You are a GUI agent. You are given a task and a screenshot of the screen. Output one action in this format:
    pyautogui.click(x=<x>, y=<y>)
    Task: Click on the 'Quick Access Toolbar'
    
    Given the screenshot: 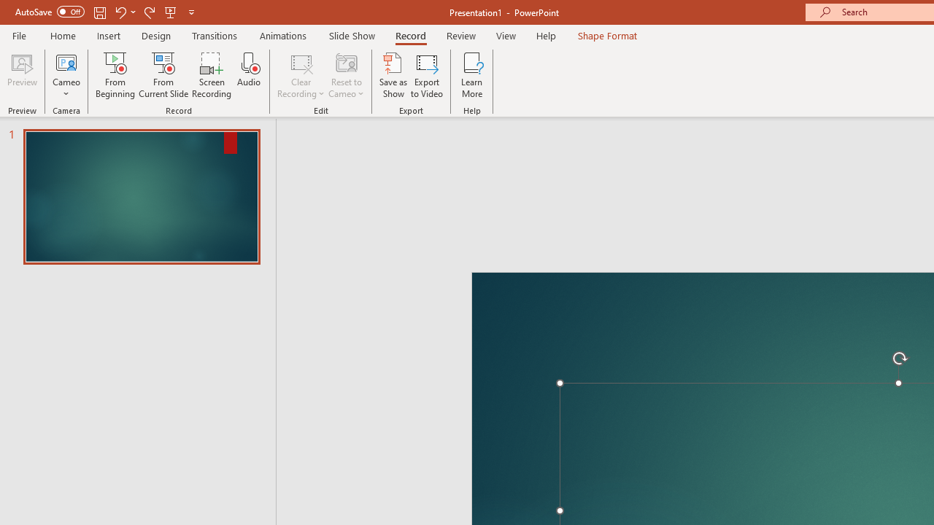 What is the action you would take?
    pyautogui.click(x=105, y=12)
    